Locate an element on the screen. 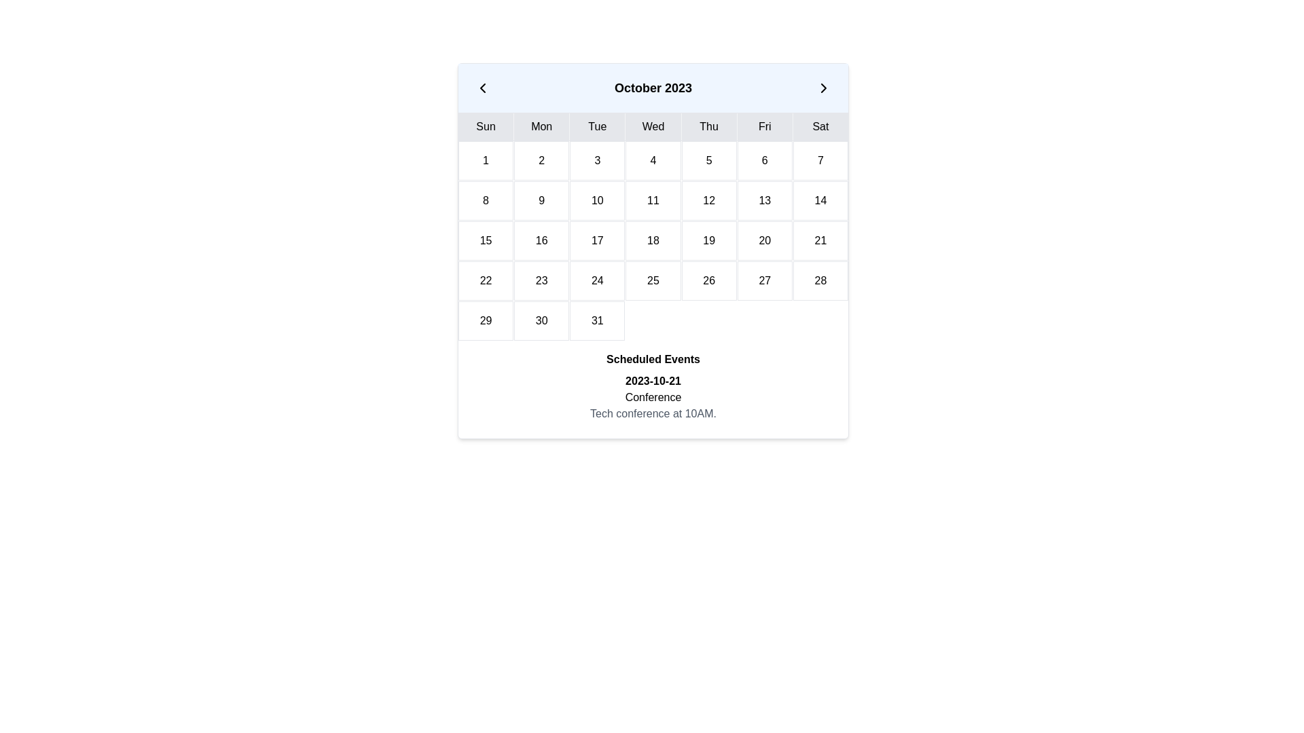  the text element that provides details about the scheduled conference event, located directly below the elements showing '2023-10-21' and 'Conference' is located at coordinates (653, 413).